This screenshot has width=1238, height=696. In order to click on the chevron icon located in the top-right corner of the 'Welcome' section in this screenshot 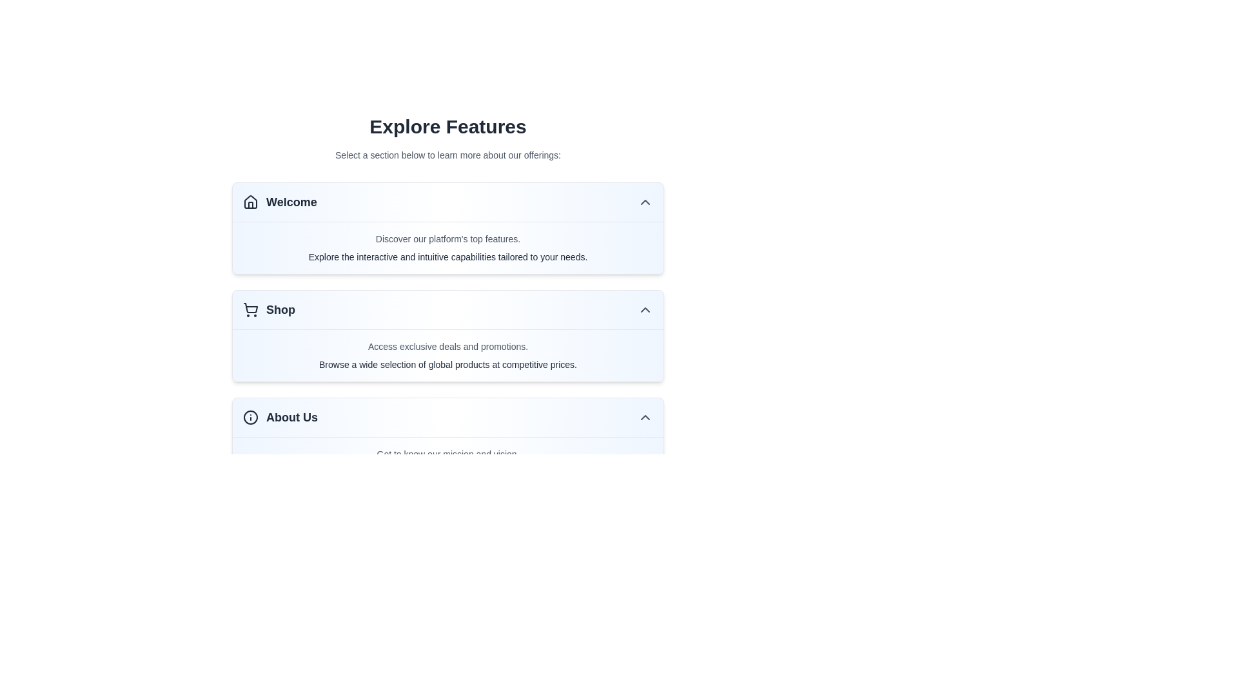, I will do `click(645, 202)`.